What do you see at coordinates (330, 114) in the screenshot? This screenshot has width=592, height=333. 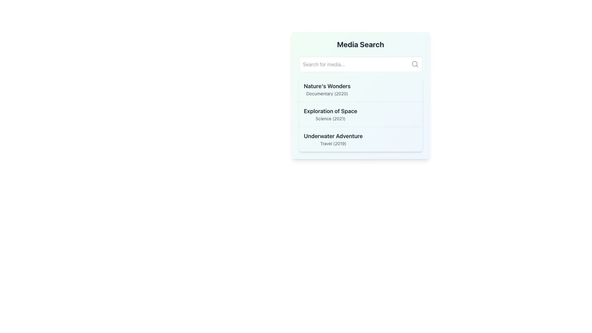 I see `the second list item displaying 'Exploration of Space' in bold text, which is positioned between 'Nature's Wonders' and 'Underwater Adventure'` at bounding box center [330, 114].